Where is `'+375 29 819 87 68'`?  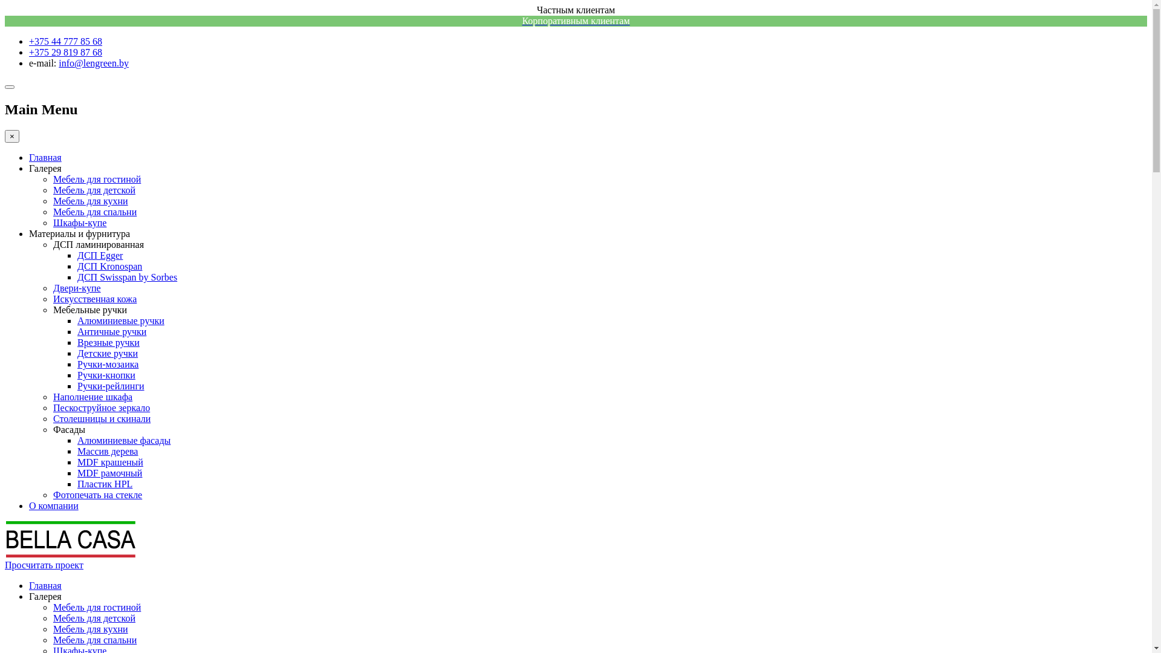 '+375 29 819 87 68' is located at coordinates (65, 51).